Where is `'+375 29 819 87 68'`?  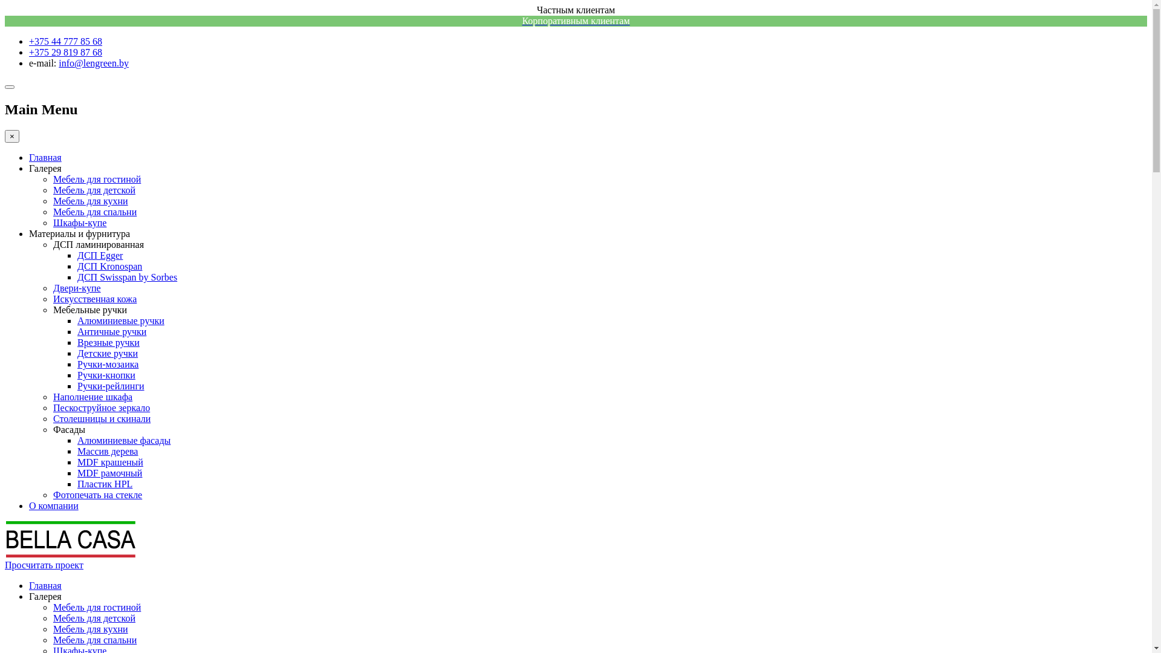 '+375 29 819 87 68' is located at coordinates (65, 51).